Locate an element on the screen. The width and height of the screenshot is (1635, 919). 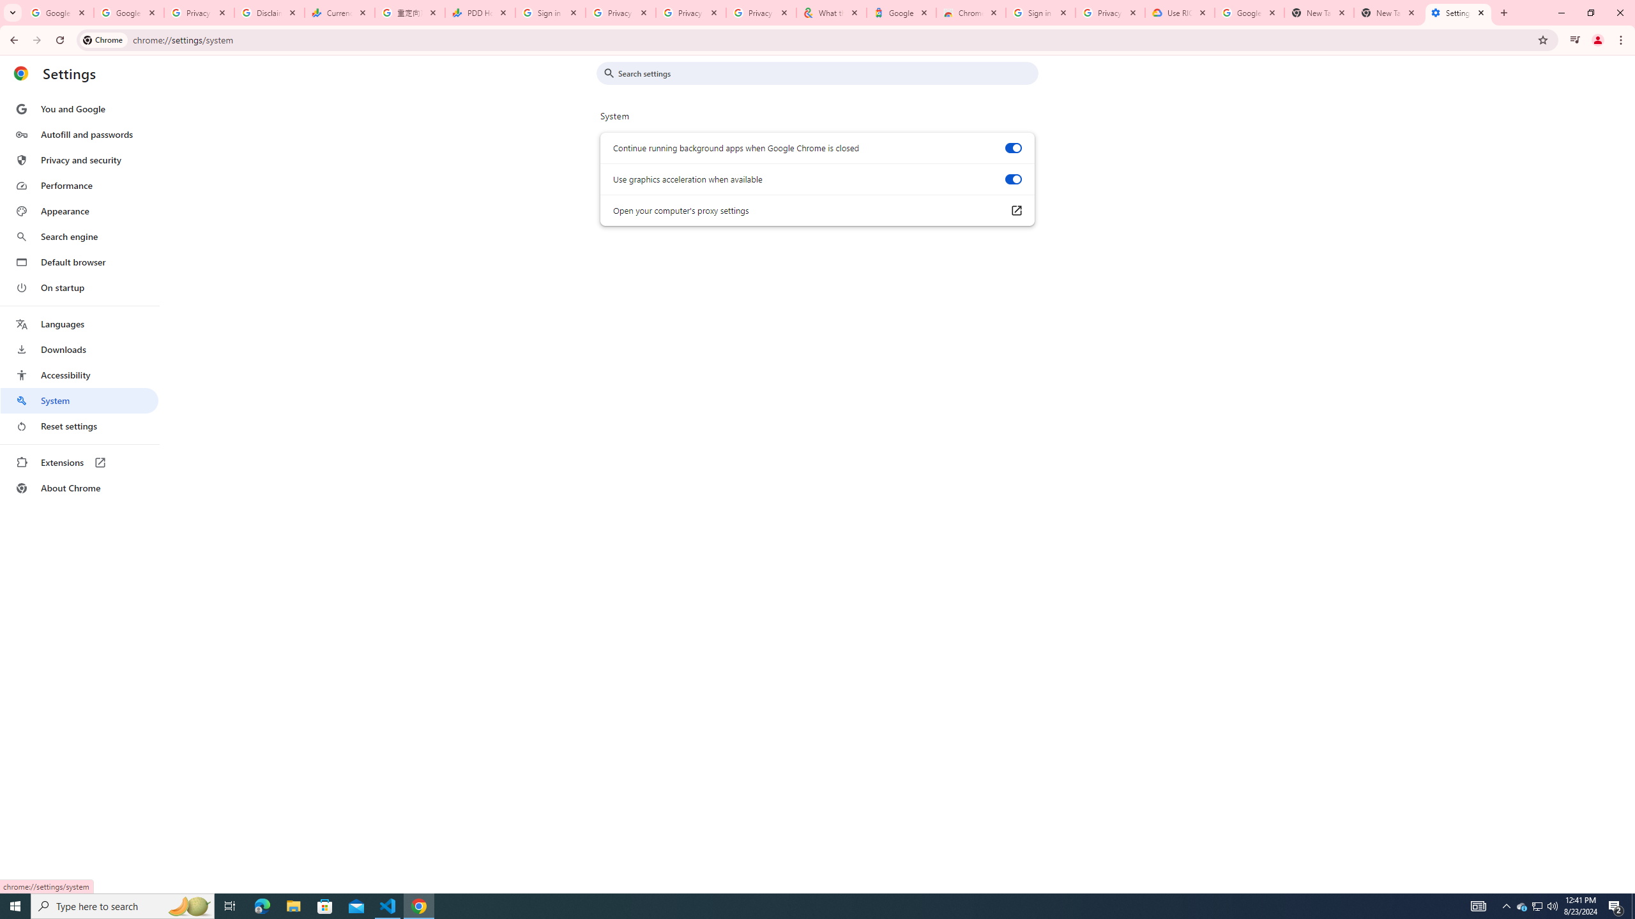
'Open your computer' is located at coordinates (1015, 210).